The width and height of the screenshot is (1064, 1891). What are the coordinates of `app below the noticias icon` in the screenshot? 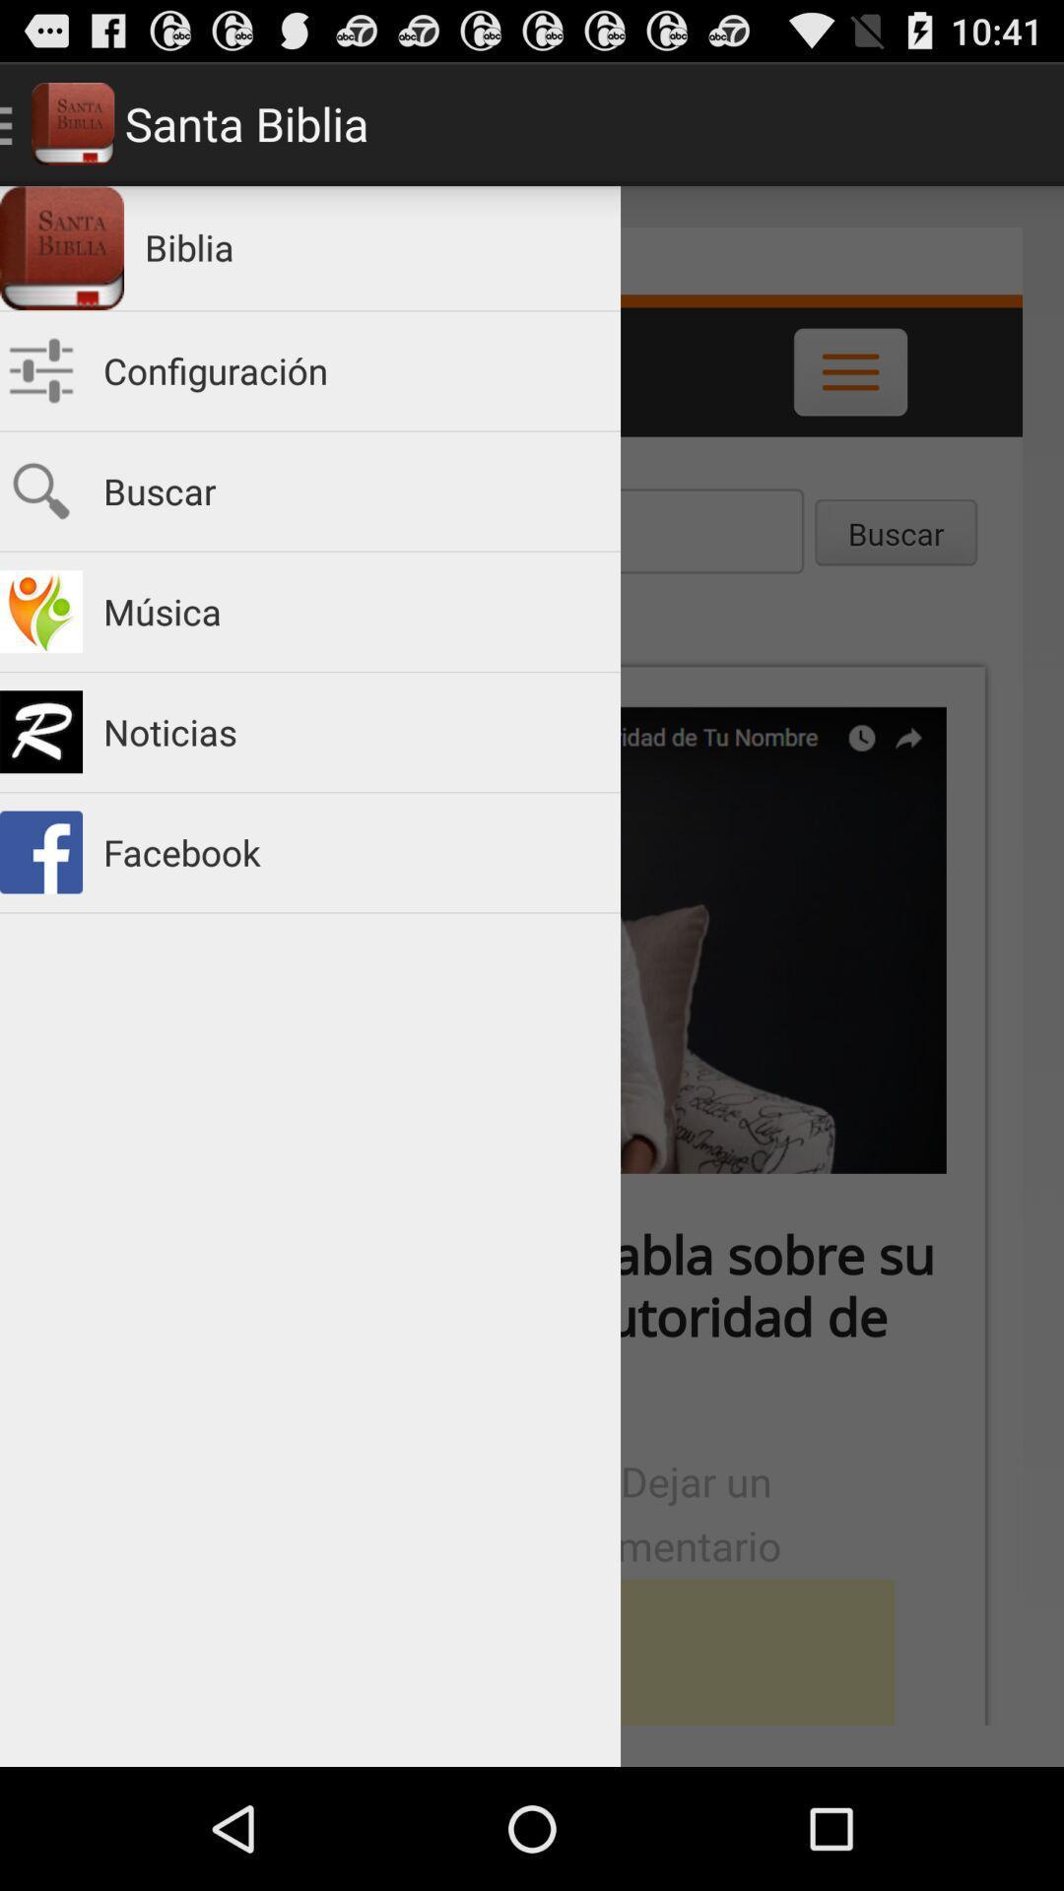 It's located at (351, 852).